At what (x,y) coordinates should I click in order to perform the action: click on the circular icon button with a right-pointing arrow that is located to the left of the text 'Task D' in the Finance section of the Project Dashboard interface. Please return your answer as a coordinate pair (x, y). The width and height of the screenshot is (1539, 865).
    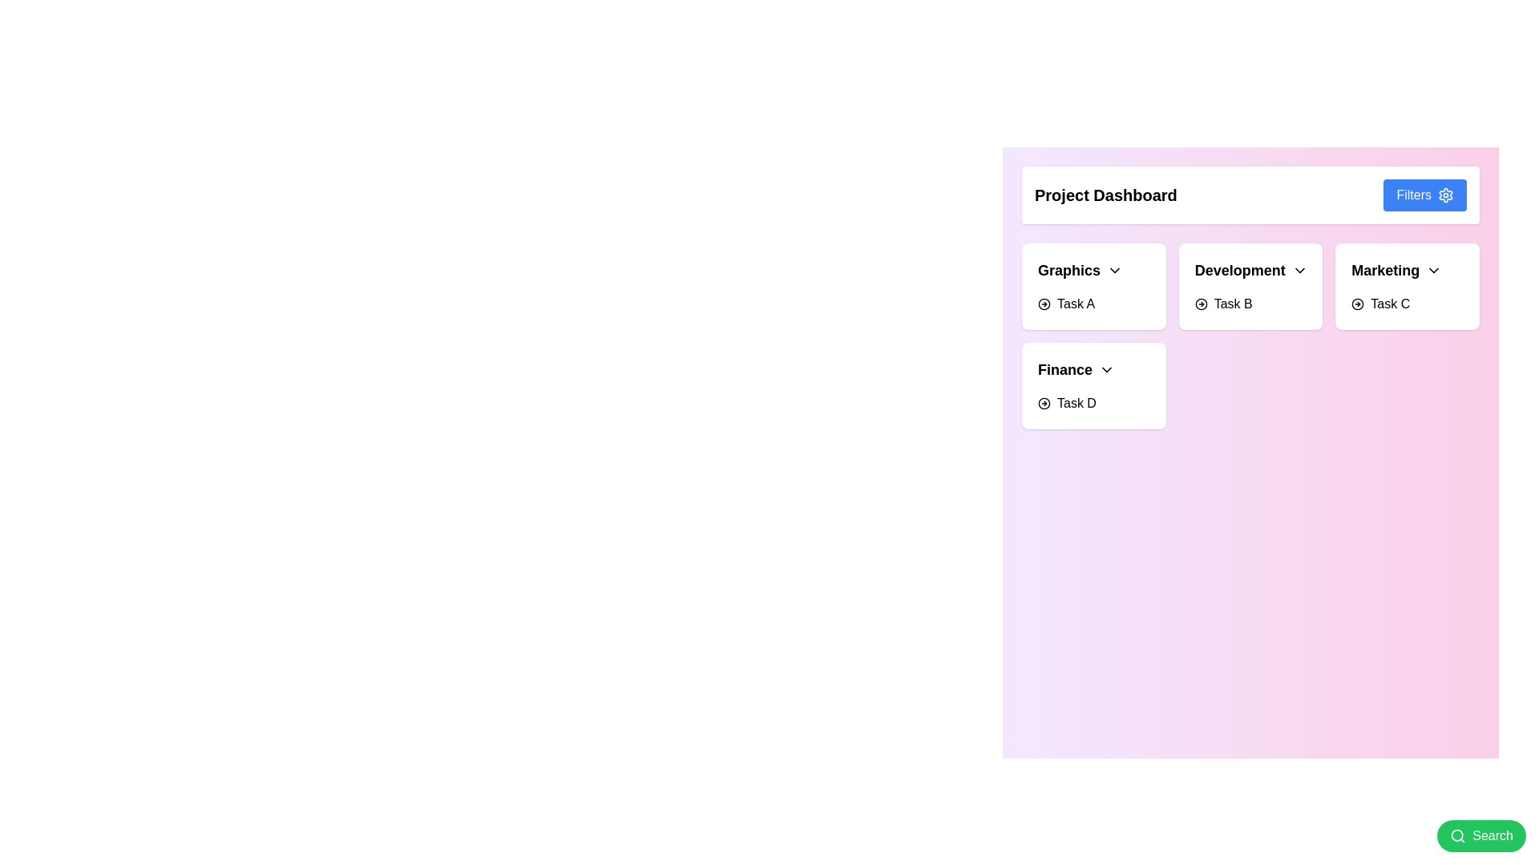
    Looking at the image, I should click on (1044, 403).